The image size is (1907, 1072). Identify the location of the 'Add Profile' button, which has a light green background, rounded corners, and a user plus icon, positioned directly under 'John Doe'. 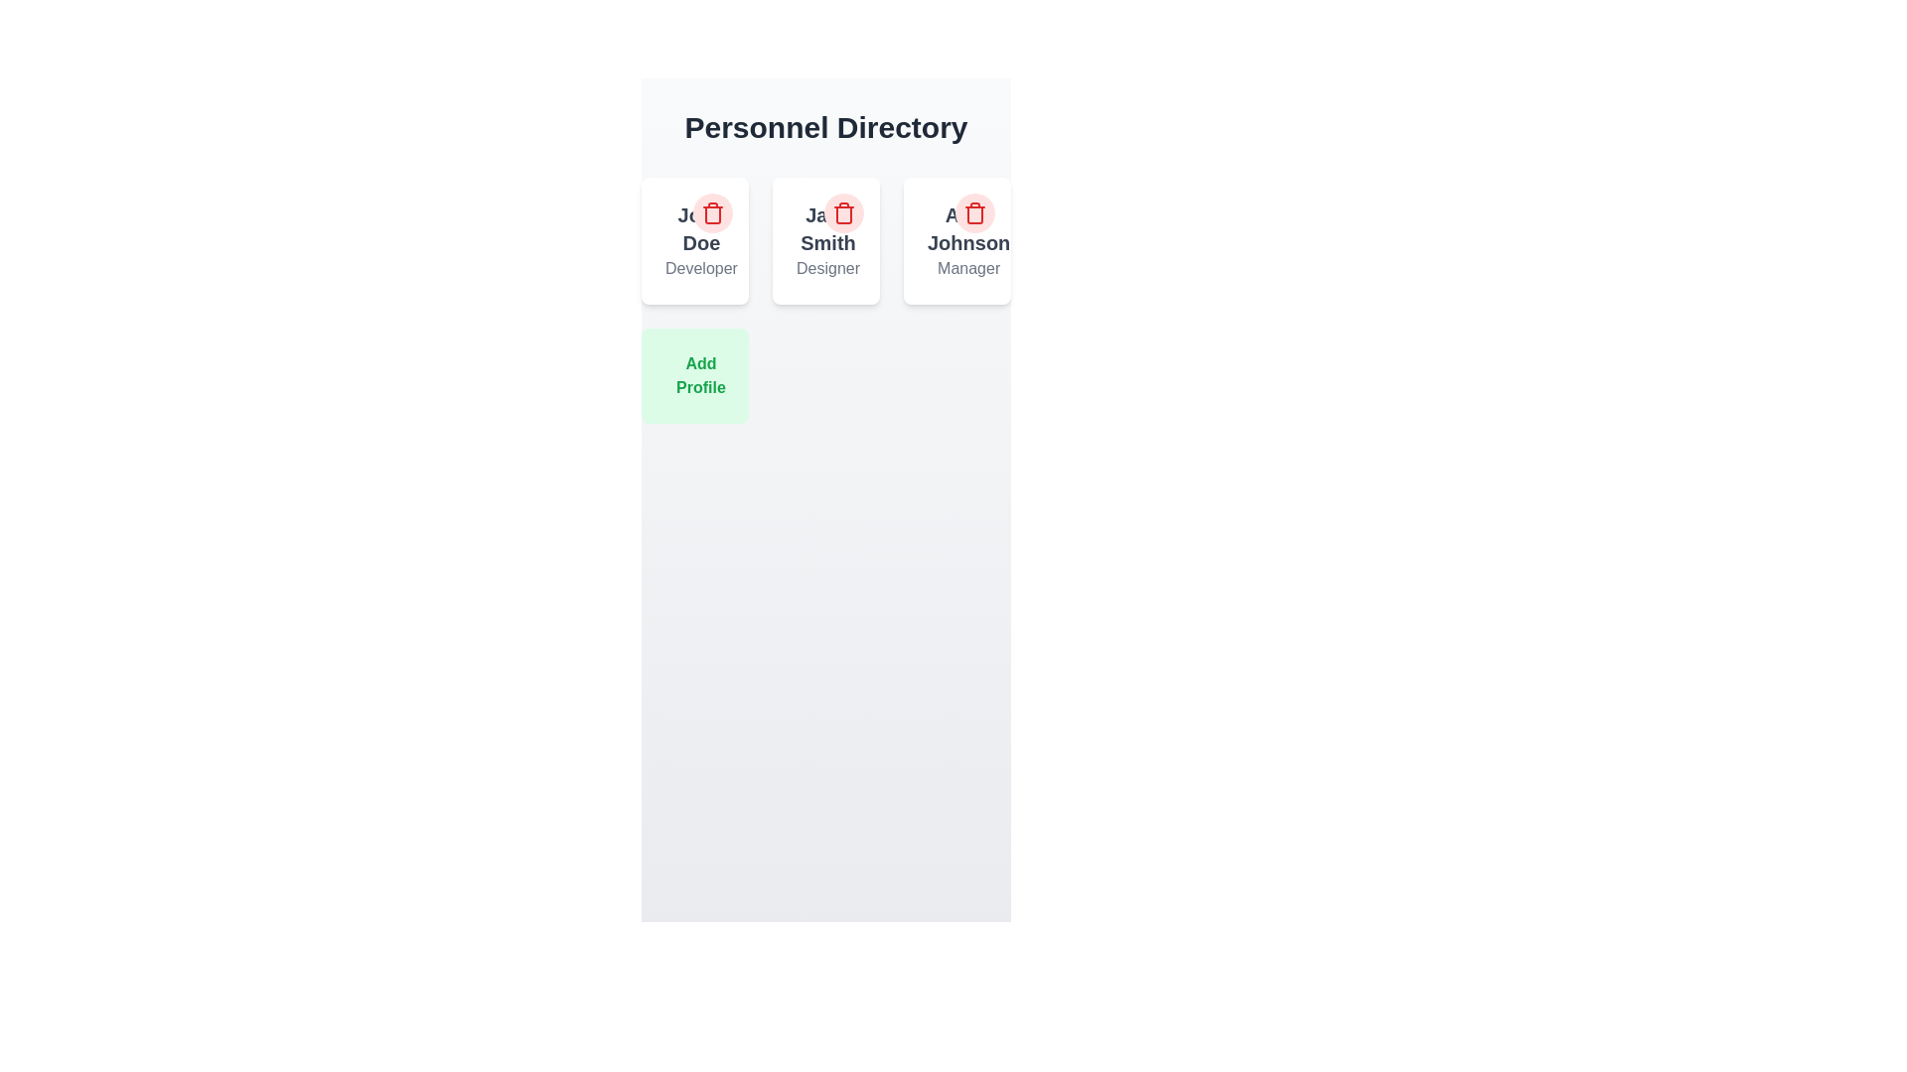
(695, 375).